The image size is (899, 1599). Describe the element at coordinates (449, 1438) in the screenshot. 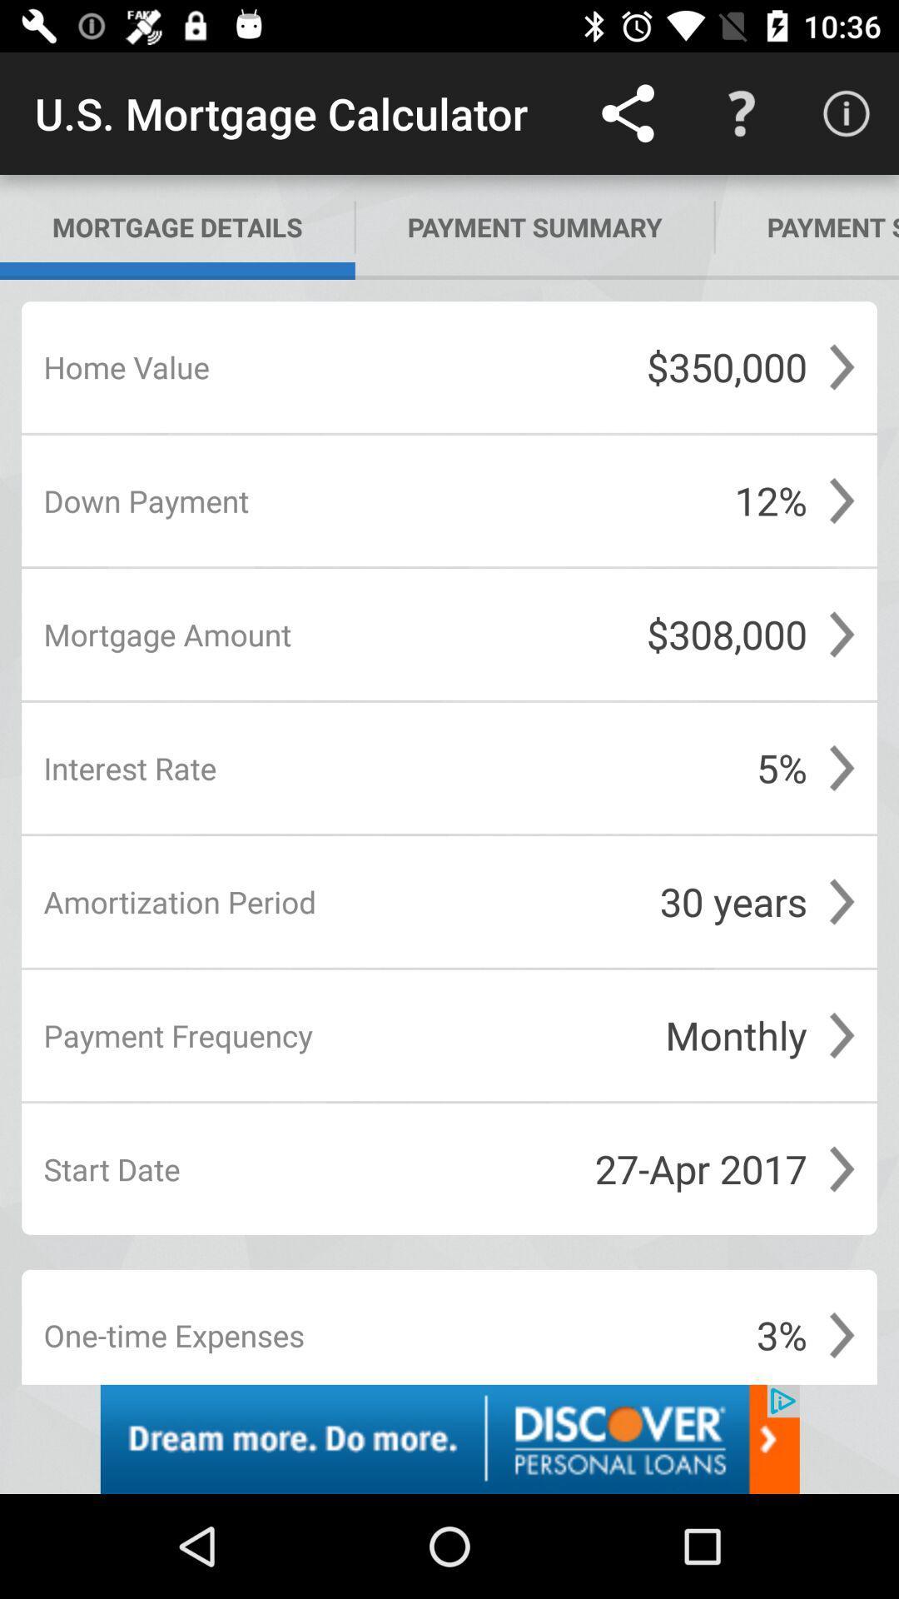

I see `advertisement` at that location.